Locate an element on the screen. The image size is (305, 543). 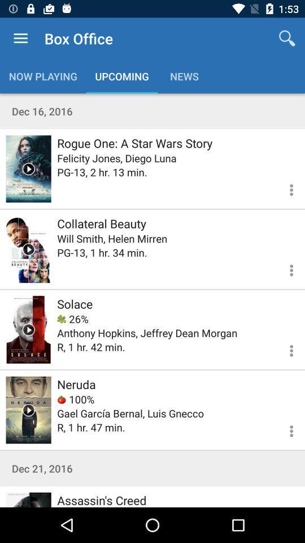
more options is located at coordinates (284, 269).